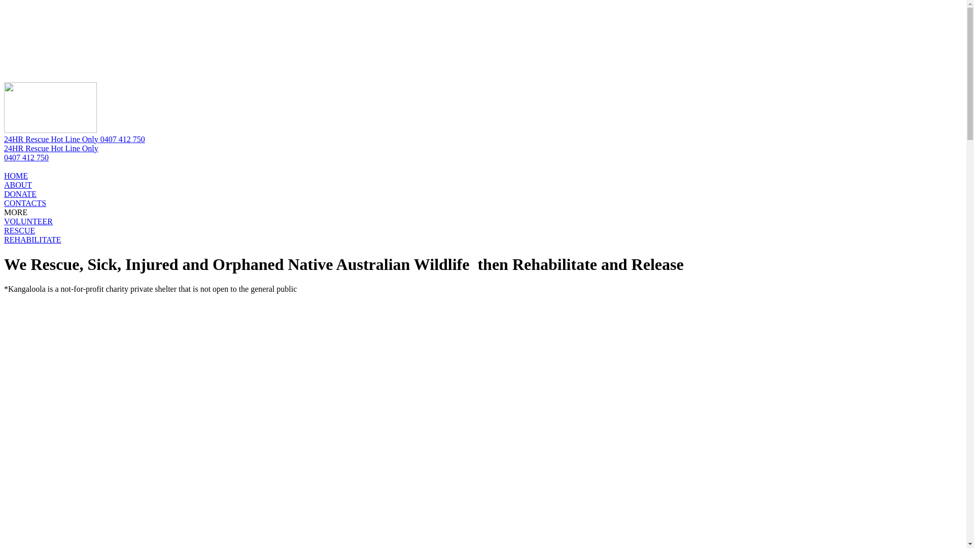 This screenshot has width=974, height=548. Describe the element at coordinates (4, 221) in the screenshot. I see `'VOLUNTEER'` at that location.